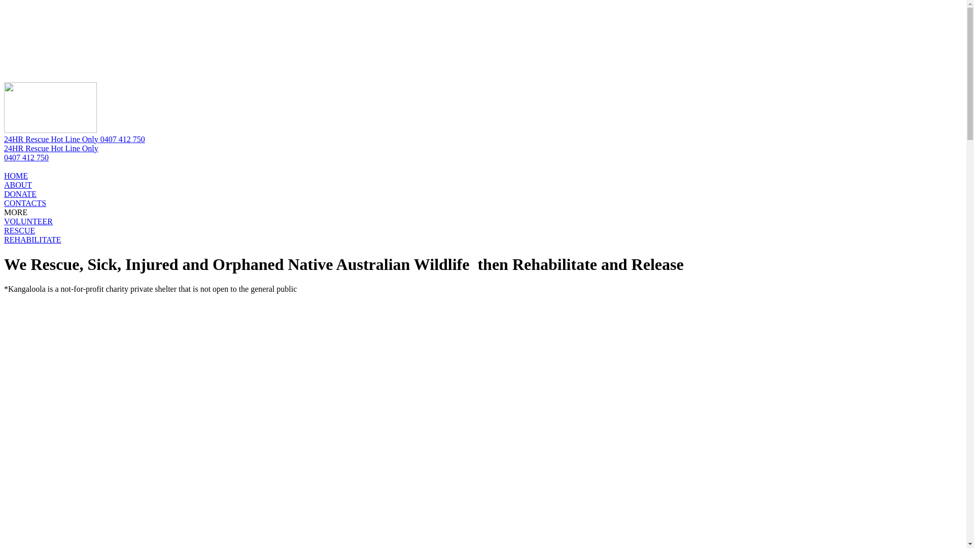 This screenshot has width=974, height=548. Describe the element at coordinates (4, 221) in the screenshot. I see `'VOLUNTEER'` at that location.